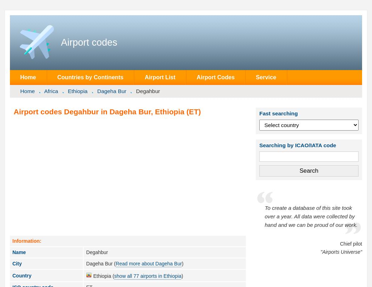 The width and height of the screenshot is (372, 287). What do you see at coordinates (148, 263) in the screenshot?
I see `'Read more about Dageha Bur'` at bounding box center [148, 263].